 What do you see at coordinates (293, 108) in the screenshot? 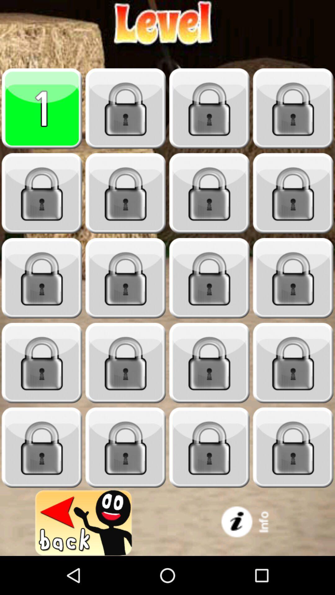
I see `lock button` at bounding box center [293, 108].